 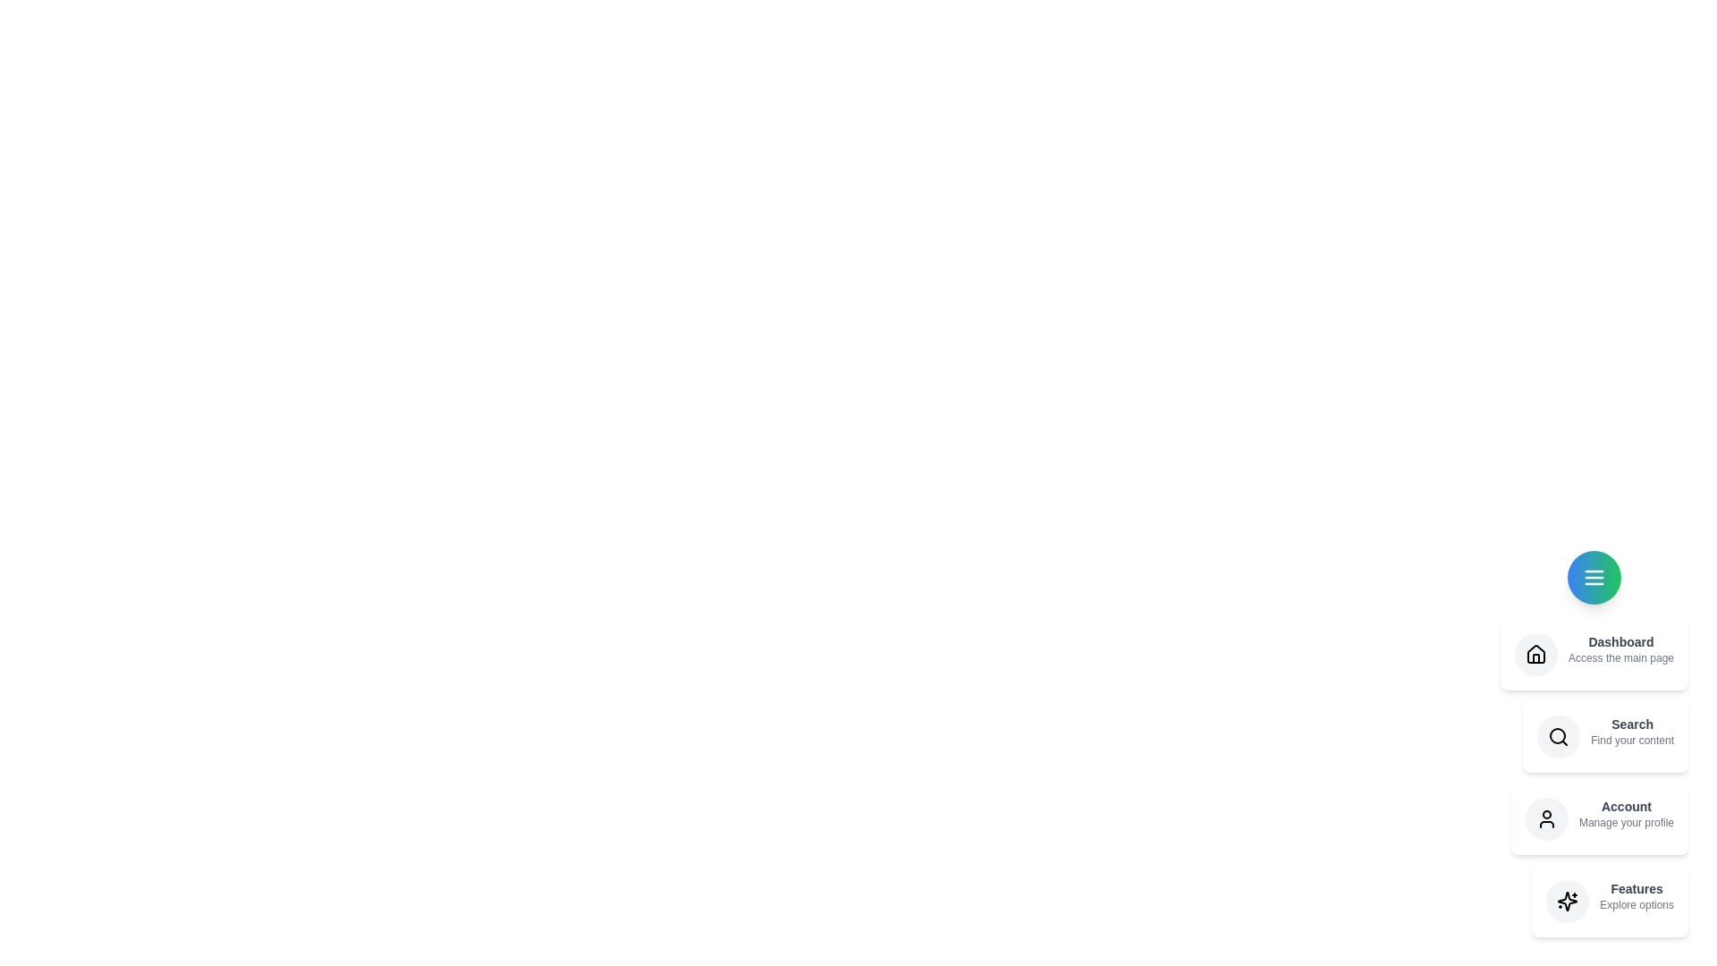 I want to click on the speed dial item Dashboard to explore its functionality, so click(x=1594, y=655).